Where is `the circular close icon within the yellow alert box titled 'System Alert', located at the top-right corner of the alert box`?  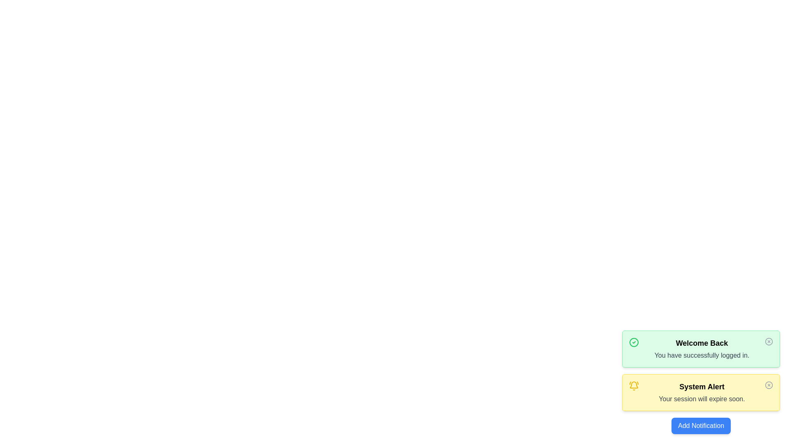 the circular close icon within the yellow alert box titled 'System Alert', located at the top-right corner of the alert box is located at coordinates (768, 385).